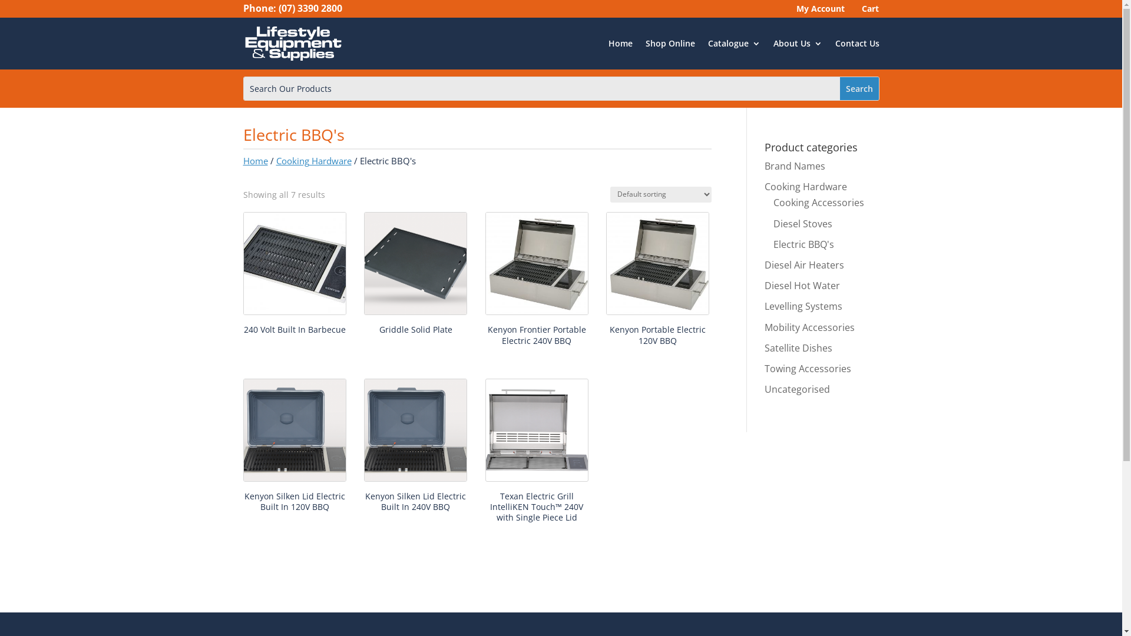  What do you see at coordinates (803, 265) in the screenshot?
I see `'Diesel Air Heaters'` at bounding box center [803, 265].